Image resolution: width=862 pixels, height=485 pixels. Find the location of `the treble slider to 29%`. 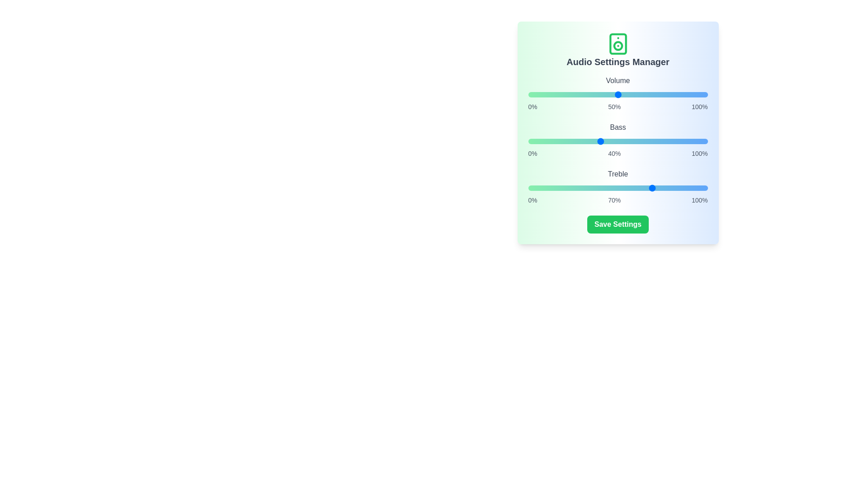

the treble slider to 29% is located at coordinates (580, 188).